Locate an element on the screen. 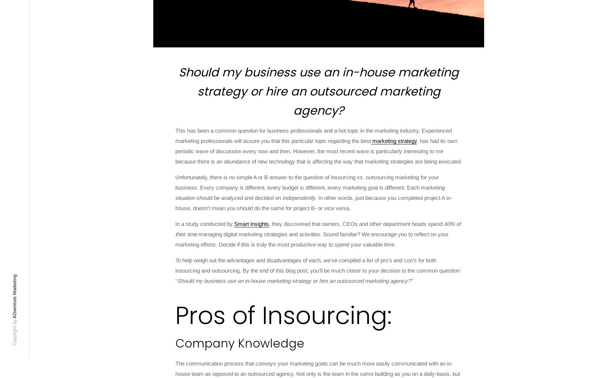 Image resolution: width=608 pixels, height=378 pixels. ', they discovered that owners, CEOs and other department heads spend' is located at coordinates (269, 224).